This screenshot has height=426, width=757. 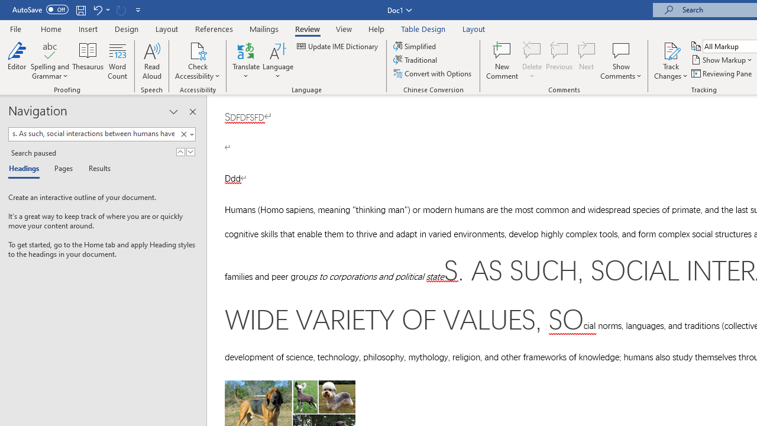 What do you see at coordinates (620, 50) in the screenshot?
I see `'Show Comments'` at bounding box center [620, 50].